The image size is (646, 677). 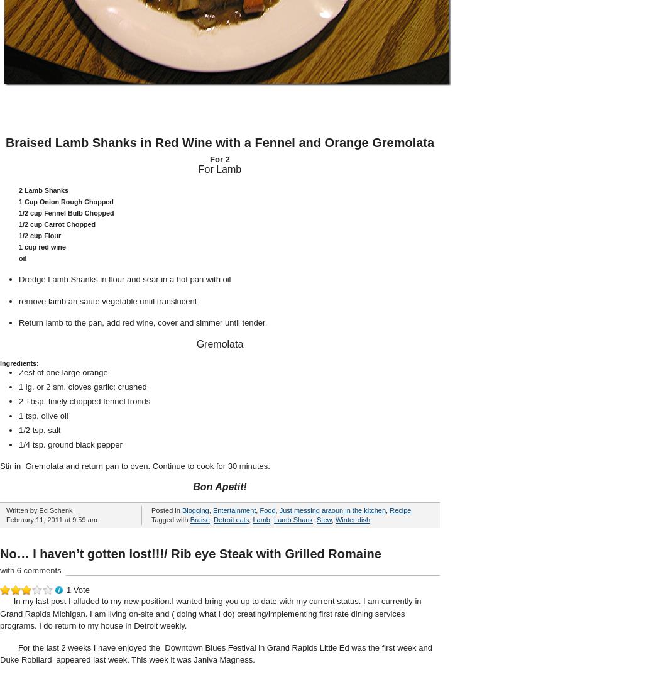 What do you see at coordinates (5, 143) in the screenshot?
I see `'Braised Lamb Shanks in Red Wine with a Fennel and Orange Gremolata'` at bounding box center [5, 143].